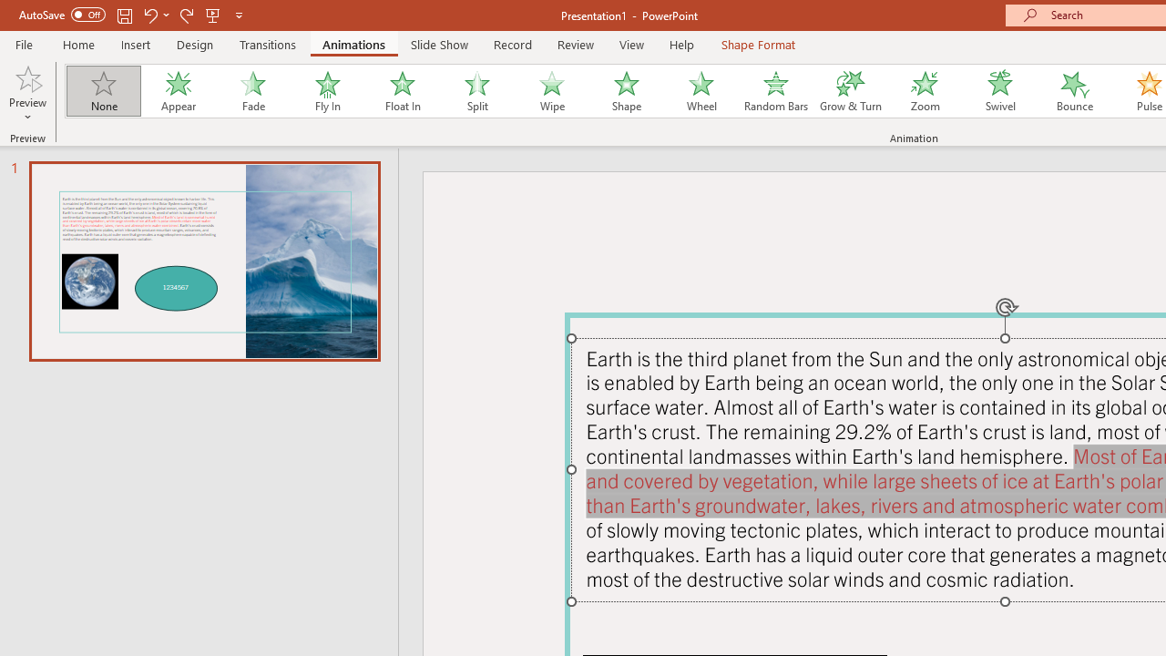  Describe the element at coordinates (27, 94) in the screenshot. I see `'Preview'` at that location.